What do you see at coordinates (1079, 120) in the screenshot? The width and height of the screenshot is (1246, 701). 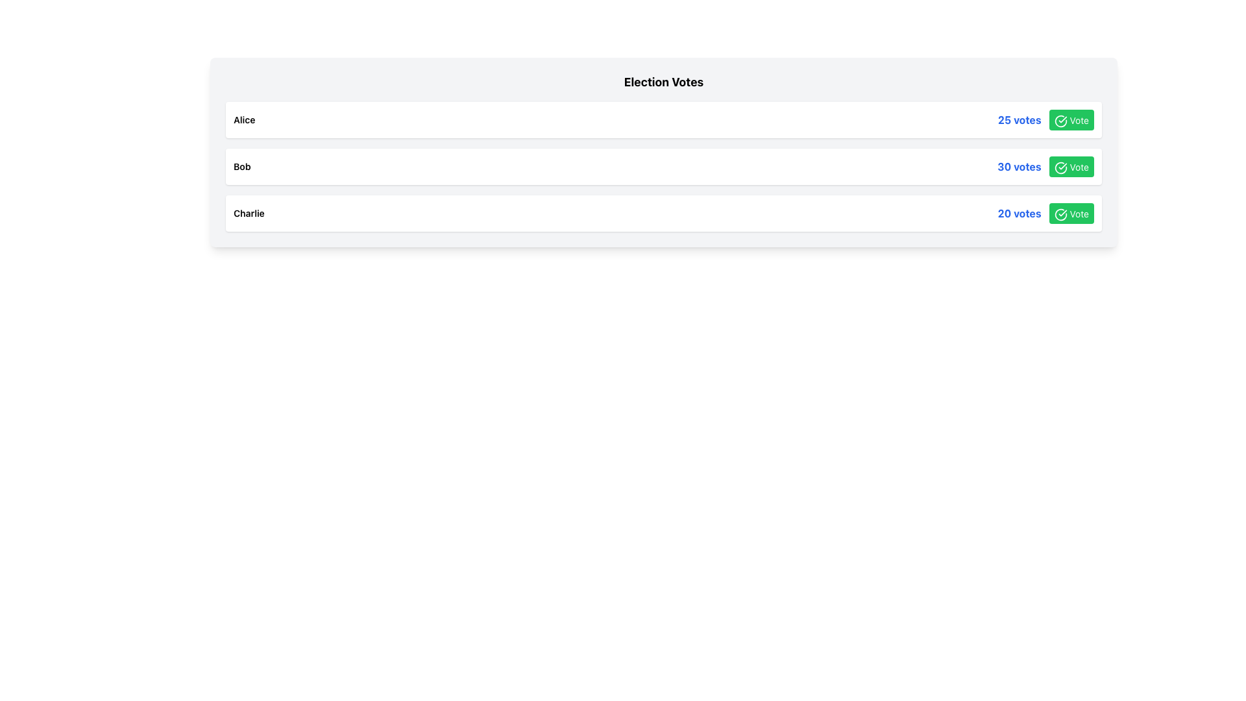 I see `the 'Vote' text label with a green background, which is part of the button-like structure on the far right side of the topmost row, aligned with the '25 votes' text` at bounding box center [1079, 120].